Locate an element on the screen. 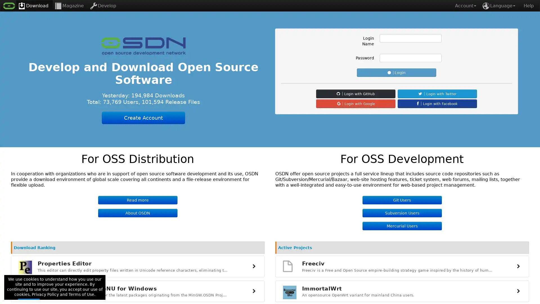  Login is located at coordinates (396, 72).